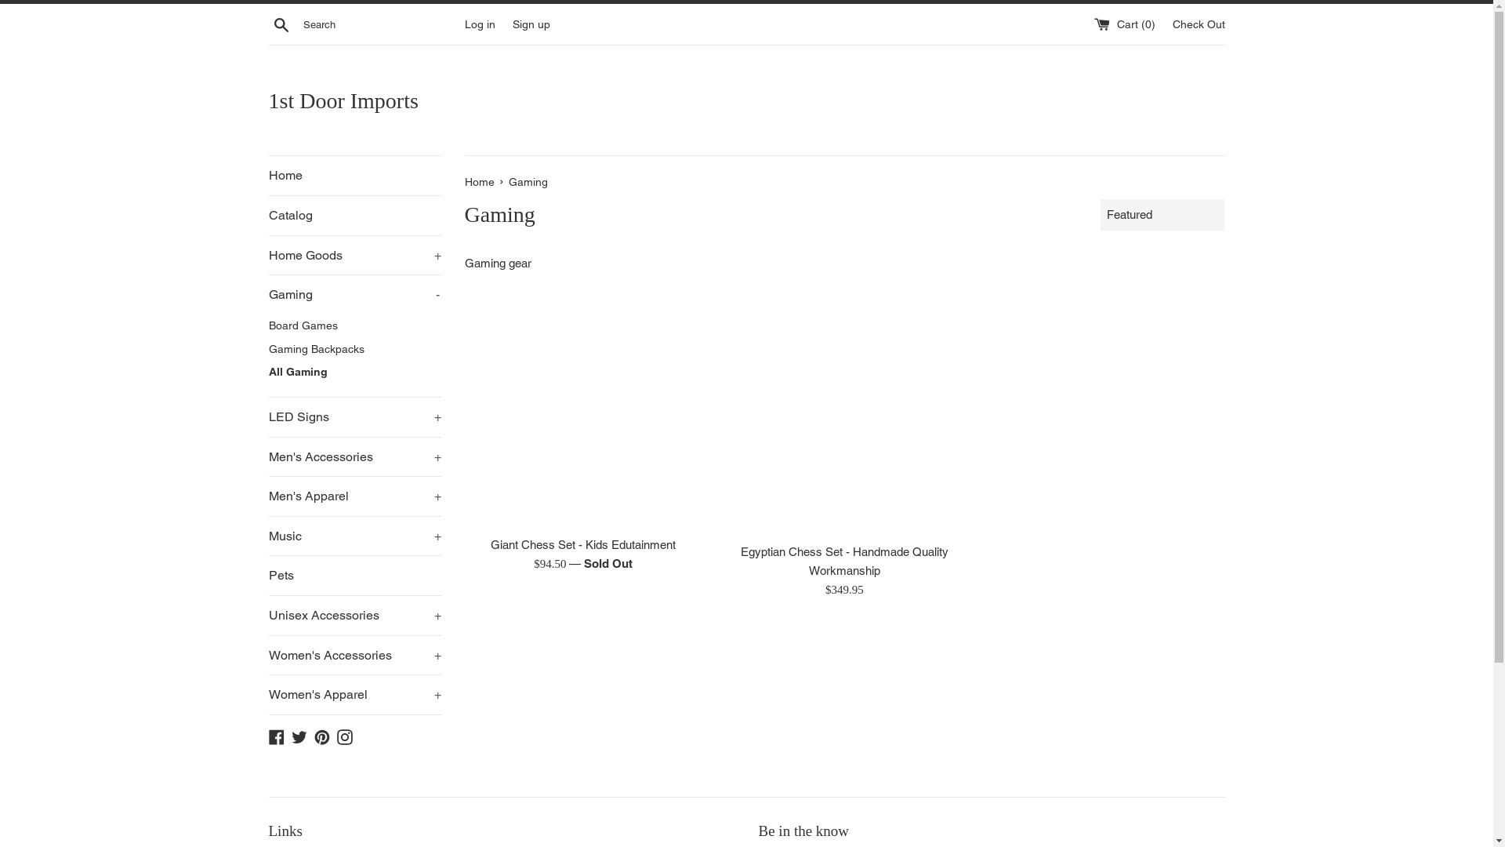 The image size is (1505, 847). I want to click on 'Check Out', so click(1198, 24).